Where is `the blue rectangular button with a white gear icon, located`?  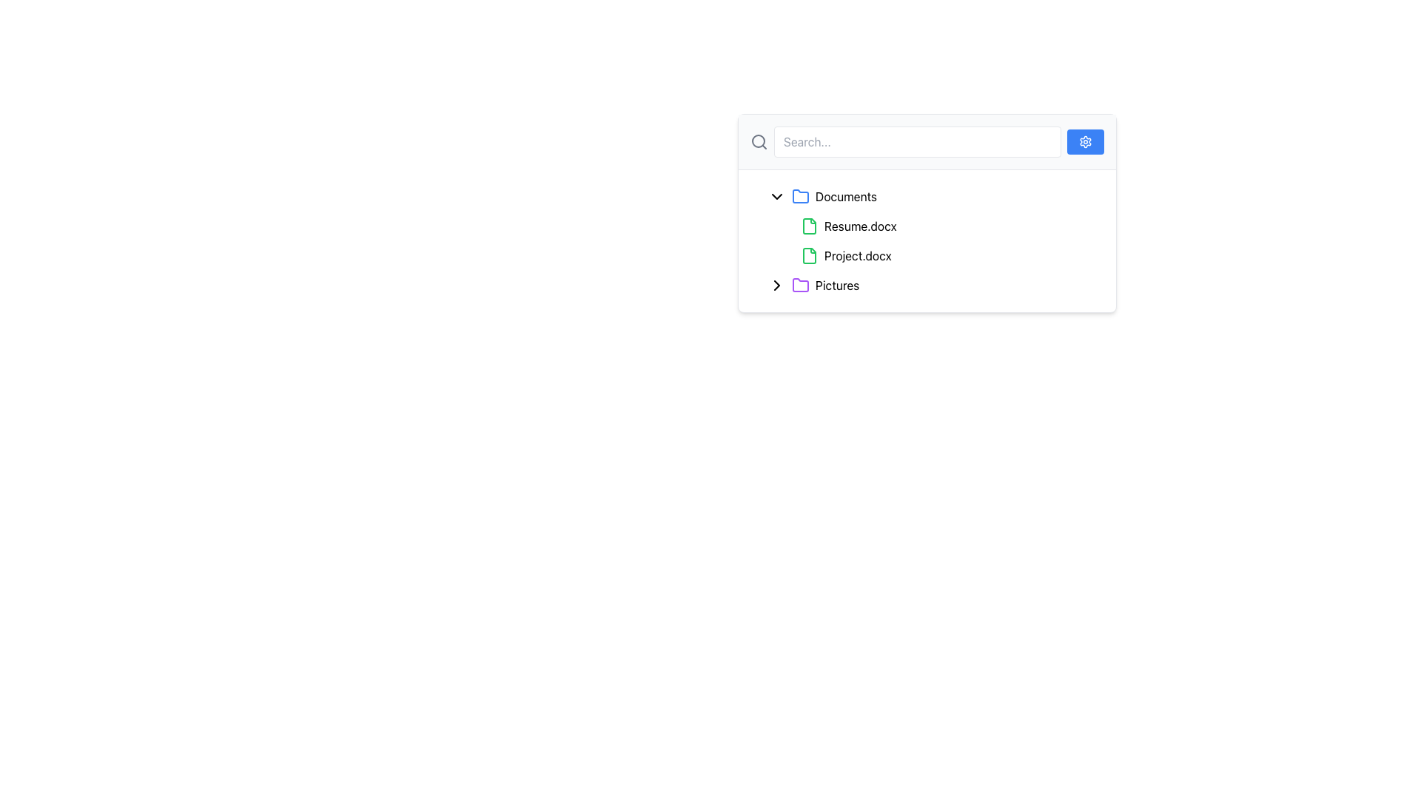 the blue rectangular button with a white gear icon, located is located at coordinates (1086, 142).